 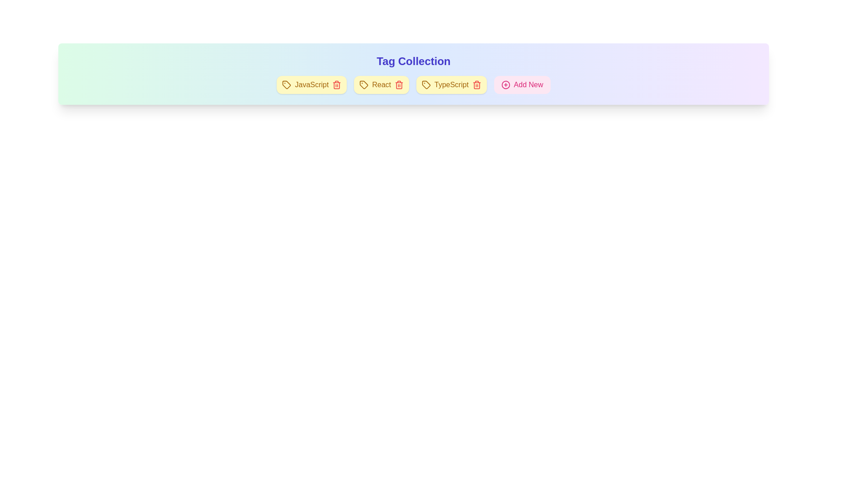 I want to click on the textual heading that serves as a title for the surrounding content, indicating a collection of tags, so click(x=413, y=61).